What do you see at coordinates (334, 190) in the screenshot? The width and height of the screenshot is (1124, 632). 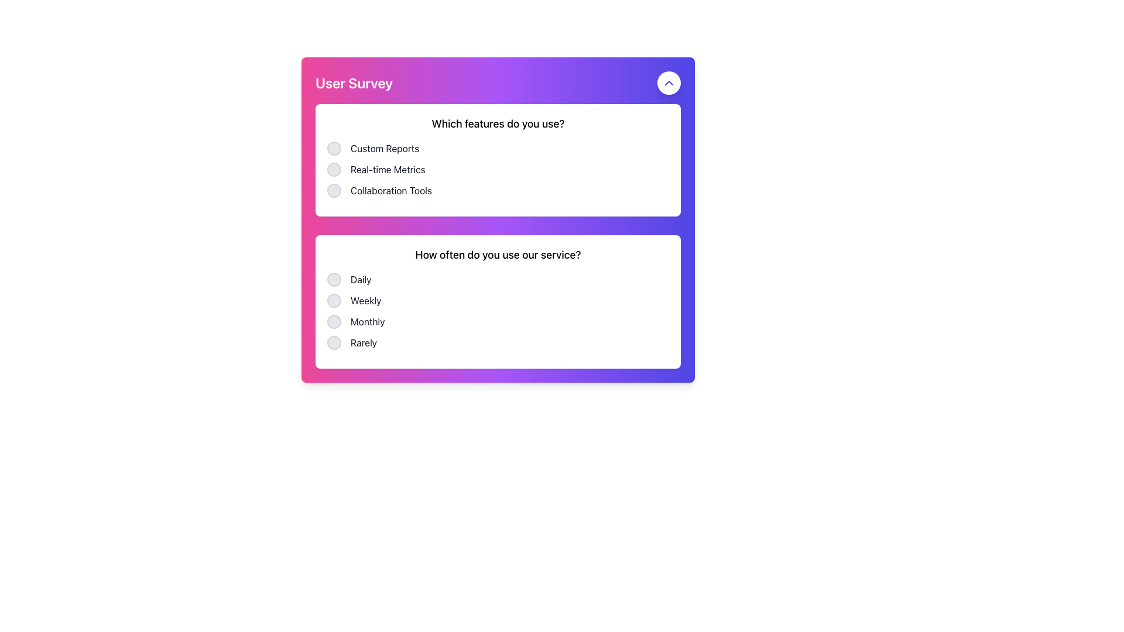 I see `the radio button for 'Collaboration Tools'` at bounding box center [334, 190].